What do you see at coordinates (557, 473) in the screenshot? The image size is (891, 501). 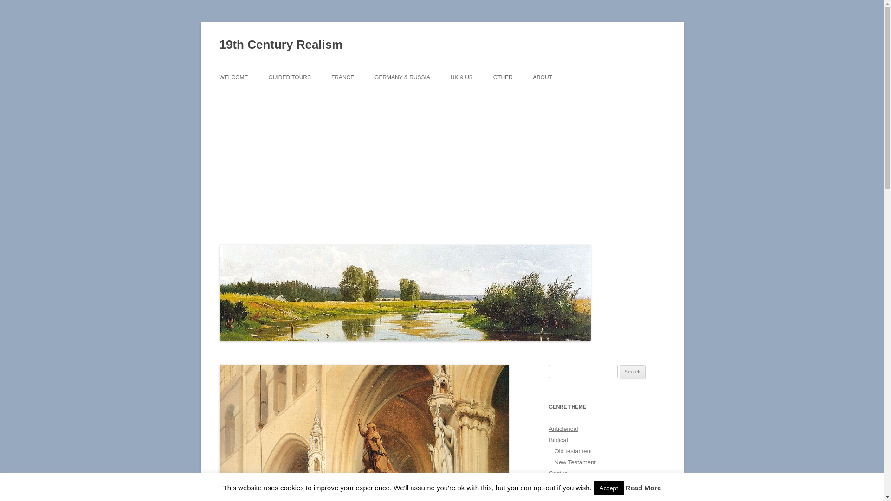 I see `'Cactus'` at bounding box center [557, 473].